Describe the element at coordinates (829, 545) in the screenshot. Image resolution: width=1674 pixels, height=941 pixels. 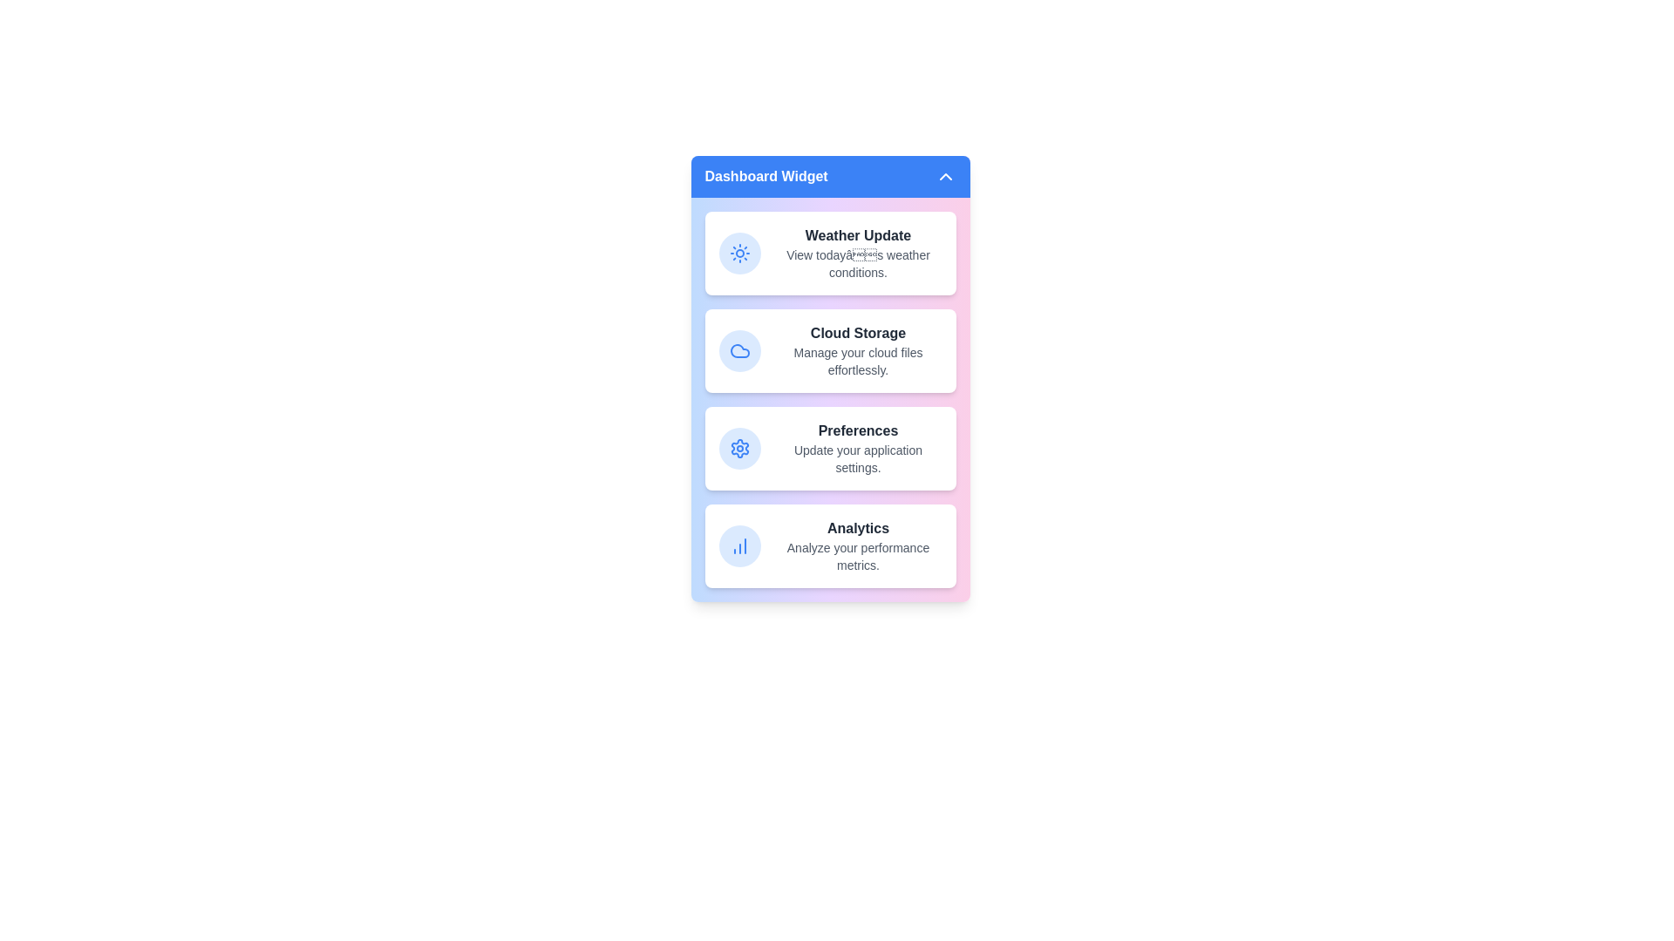
I see `the 'Analytics' item in the DashboardWidget` at that location.